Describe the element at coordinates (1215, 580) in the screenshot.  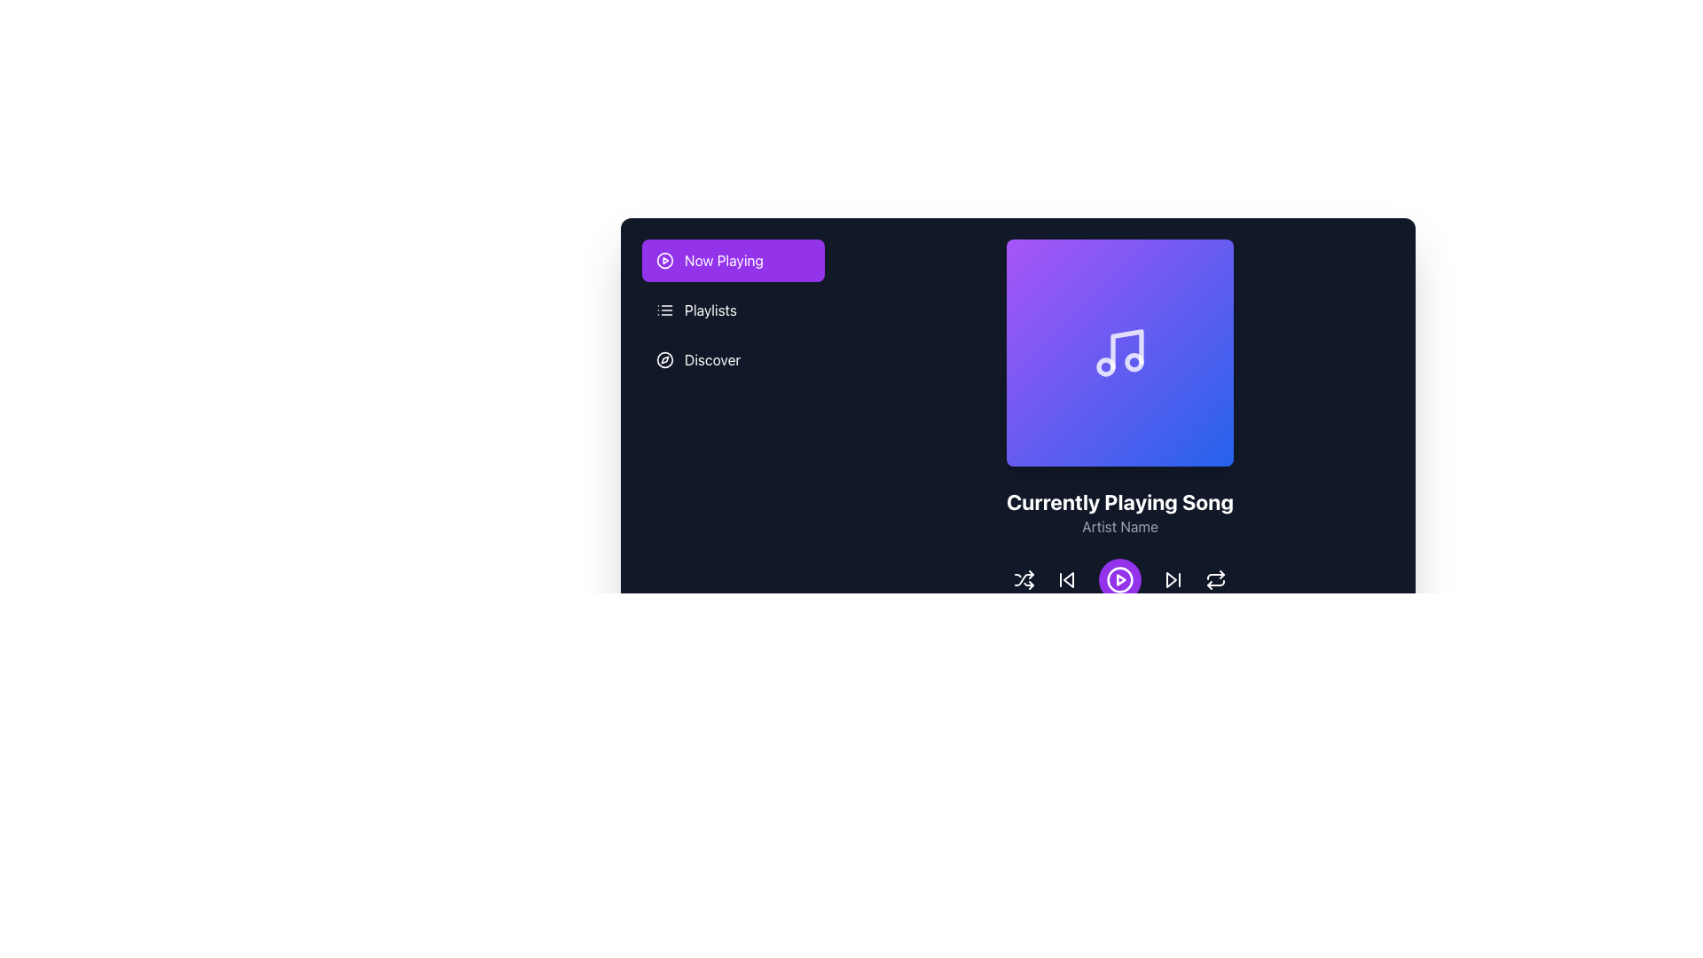
I see `the circular repeat function button with a dark background and white detailing` at that location.